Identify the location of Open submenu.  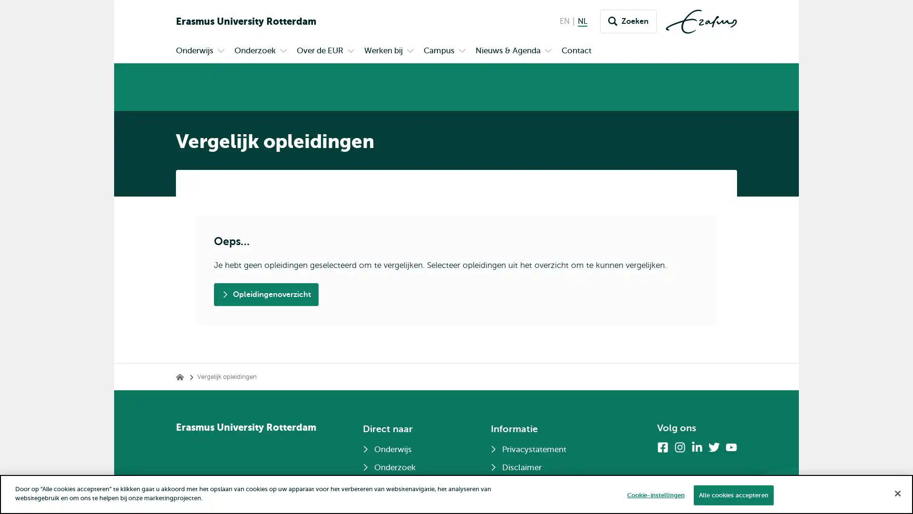
(548, 51).